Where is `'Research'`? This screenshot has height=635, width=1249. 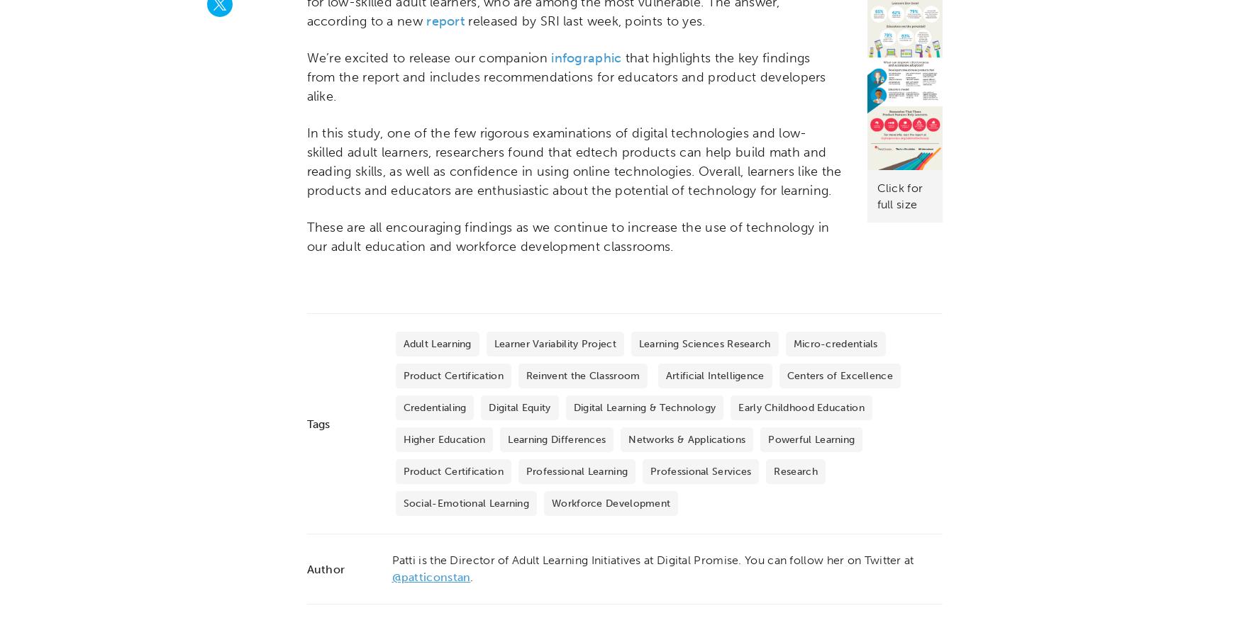 'Research' is located at coordinates (794, 471).